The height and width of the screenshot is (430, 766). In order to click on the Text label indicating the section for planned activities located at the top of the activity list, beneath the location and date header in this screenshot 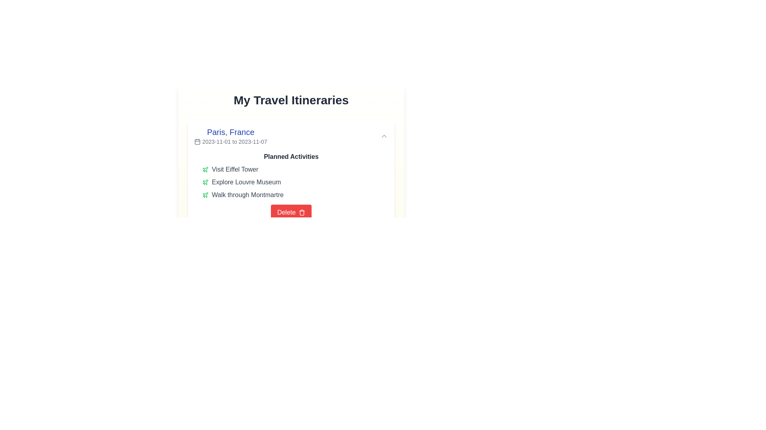, I will do `click(290, 156)`.